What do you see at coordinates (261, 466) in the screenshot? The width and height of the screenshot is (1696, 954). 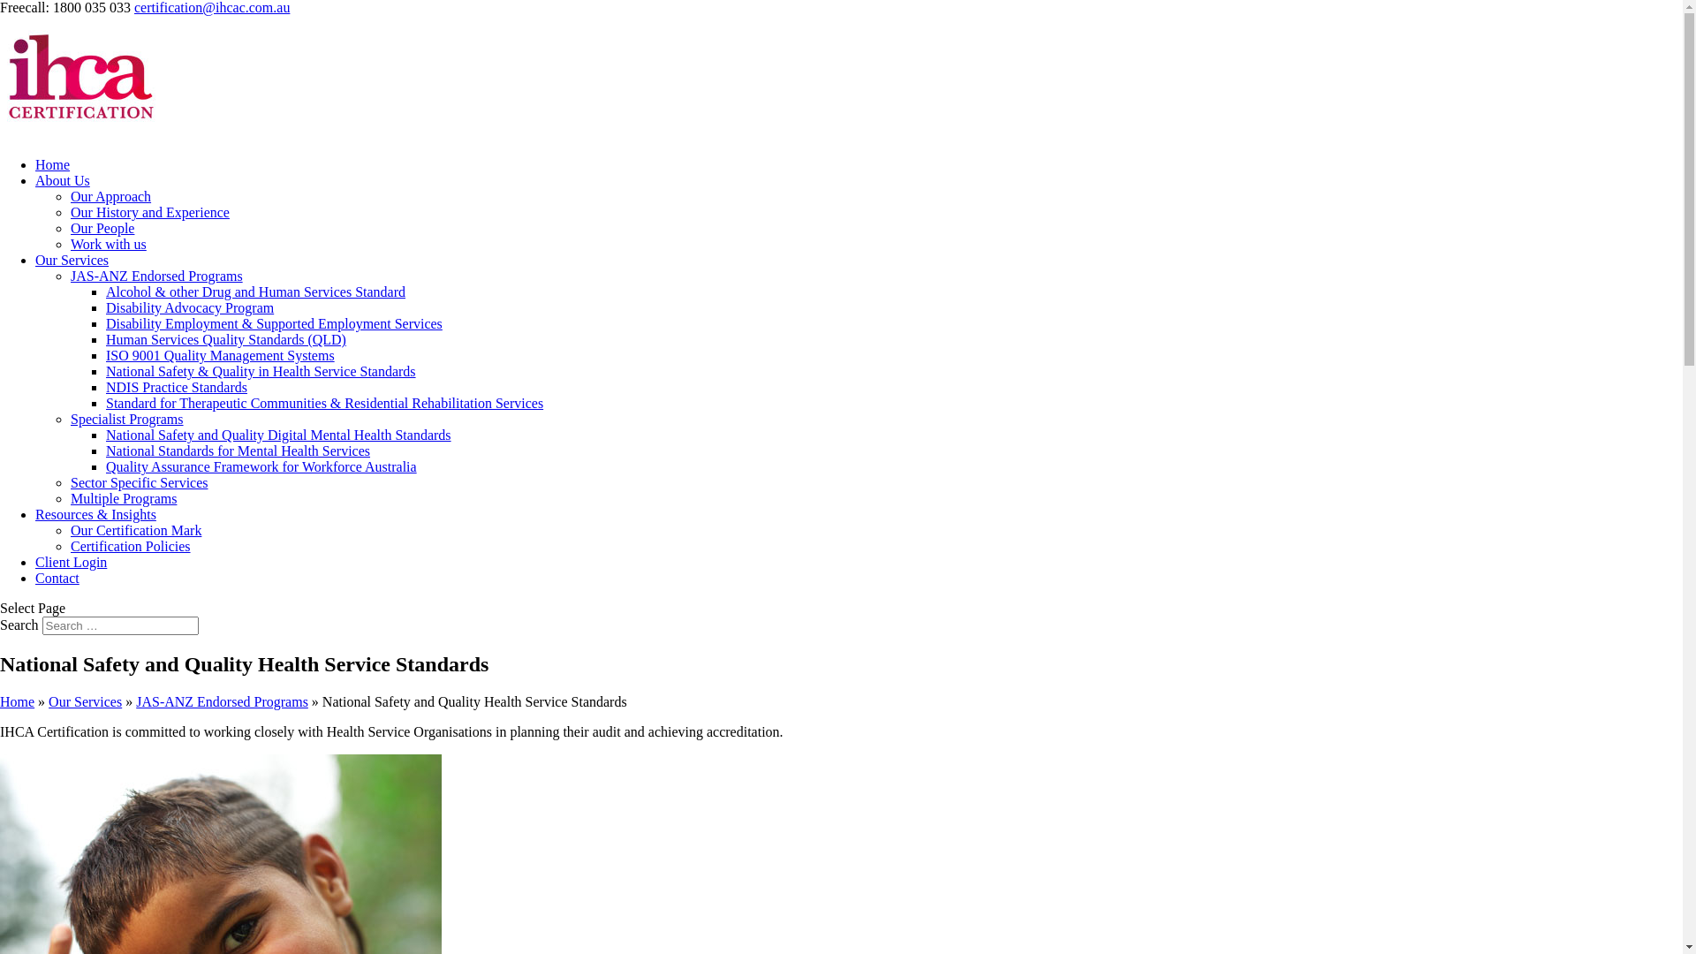 I see `'Quality Assurance Framework for Workforce Australia'` at bounding box center [261, 466].